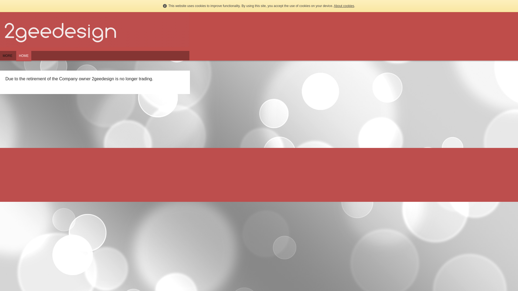 The width and height of the screenshot is (518, 291). What do you see at coordinates (16, 58) in the screenshot?
I see `'HOME'` at bounding box center [16, 58].